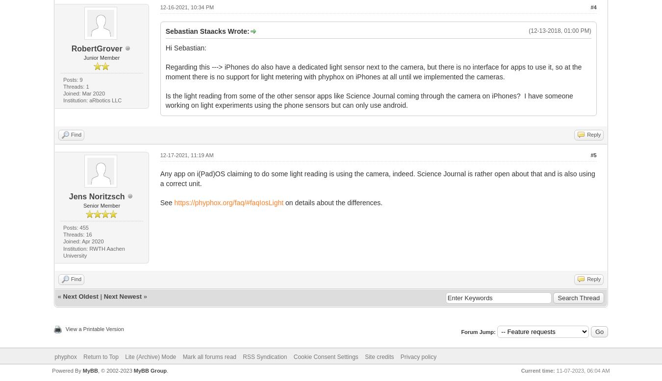  What do you see at coordinates (164, 47) in the screenshot?
I see `'Hi Sebastian:'` at bounding box center [164, 47].